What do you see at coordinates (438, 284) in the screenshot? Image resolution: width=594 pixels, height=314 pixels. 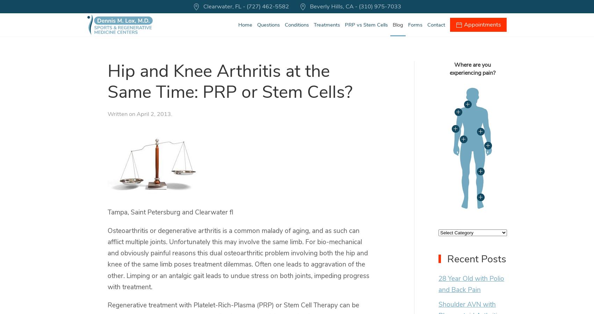 I see `'28 Year Old with Polio and Back Pain'` at bounding box center [438, 284].